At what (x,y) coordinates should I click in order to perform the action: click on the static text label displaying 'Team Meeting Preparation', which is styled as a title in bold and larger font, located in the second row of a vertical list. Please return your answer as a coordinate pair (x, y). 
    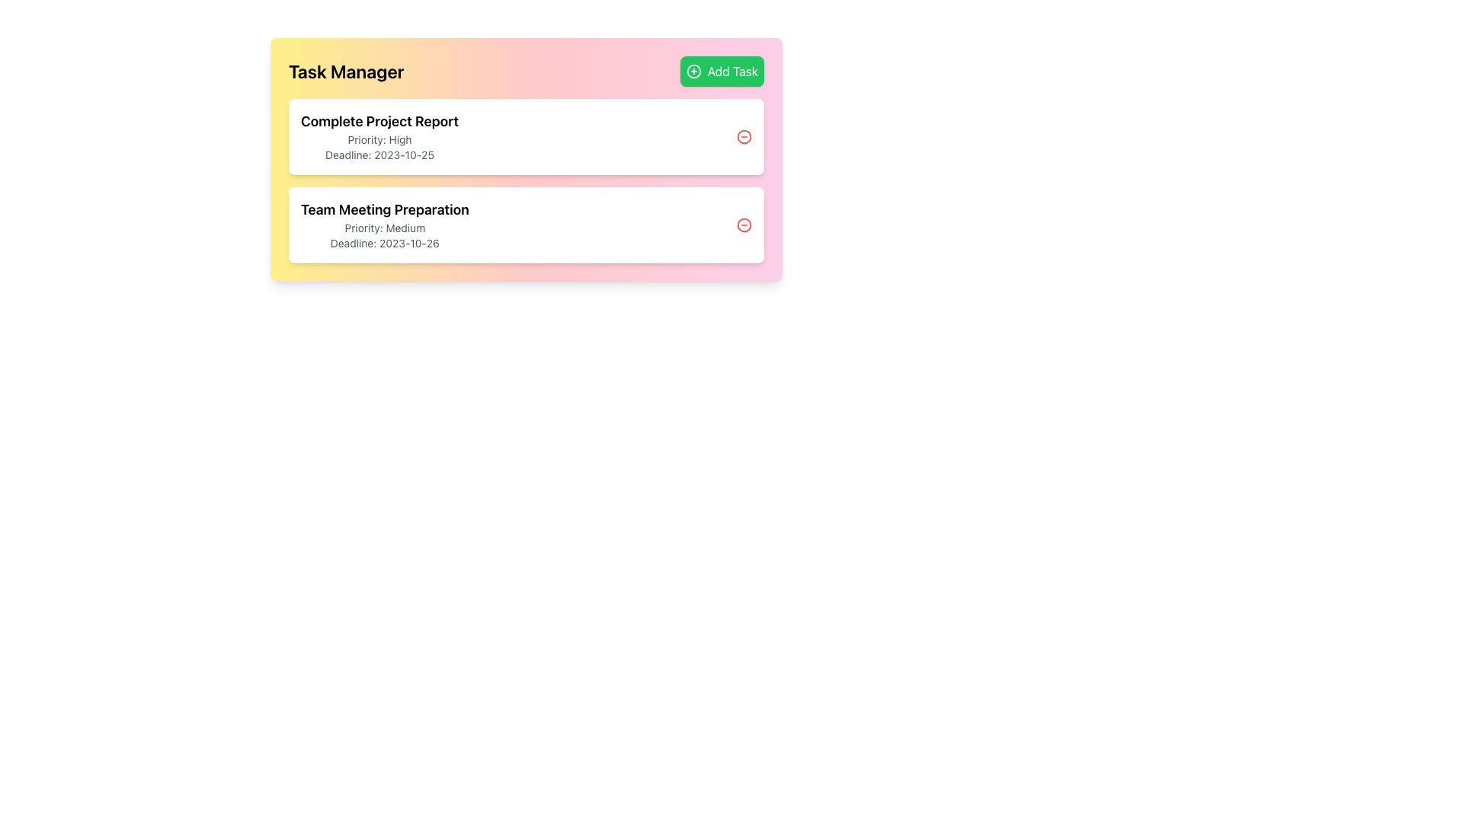
    Looking at the image, I should click on (385, 210).